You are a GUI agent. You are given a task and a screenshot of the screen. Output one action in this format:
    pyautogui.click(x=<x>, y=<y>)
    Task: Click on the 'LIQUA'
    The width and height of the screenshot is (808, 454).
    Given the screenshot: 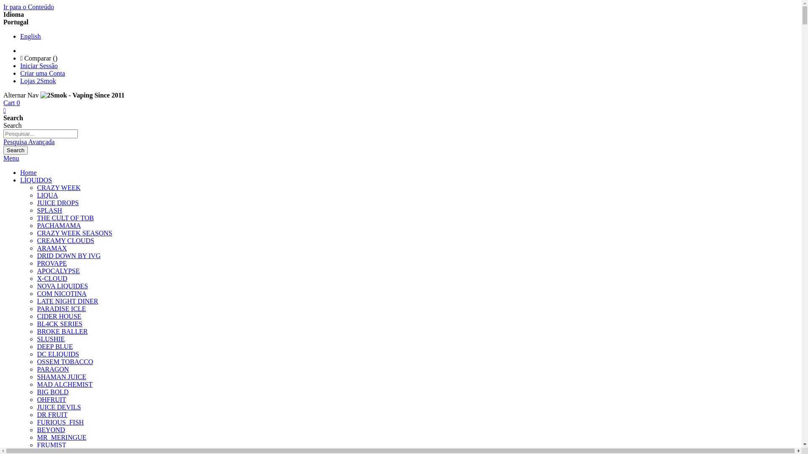 What is the action you would take?
    pyautogui.click(x=47, y=195)
    